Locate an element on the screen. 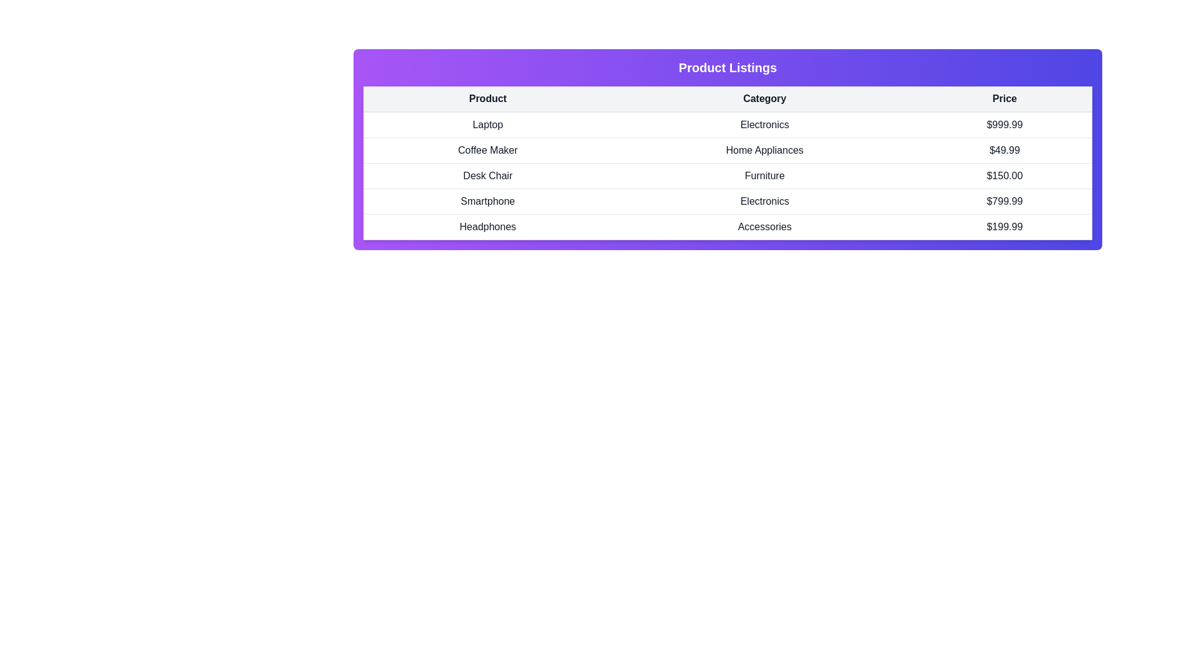  the 'Price' column header in the table, which is the third column header following 'Product' and 'Category', located in the top-right section of the table header strip under 'Product Listings' is located at coordinates (1005, 98).